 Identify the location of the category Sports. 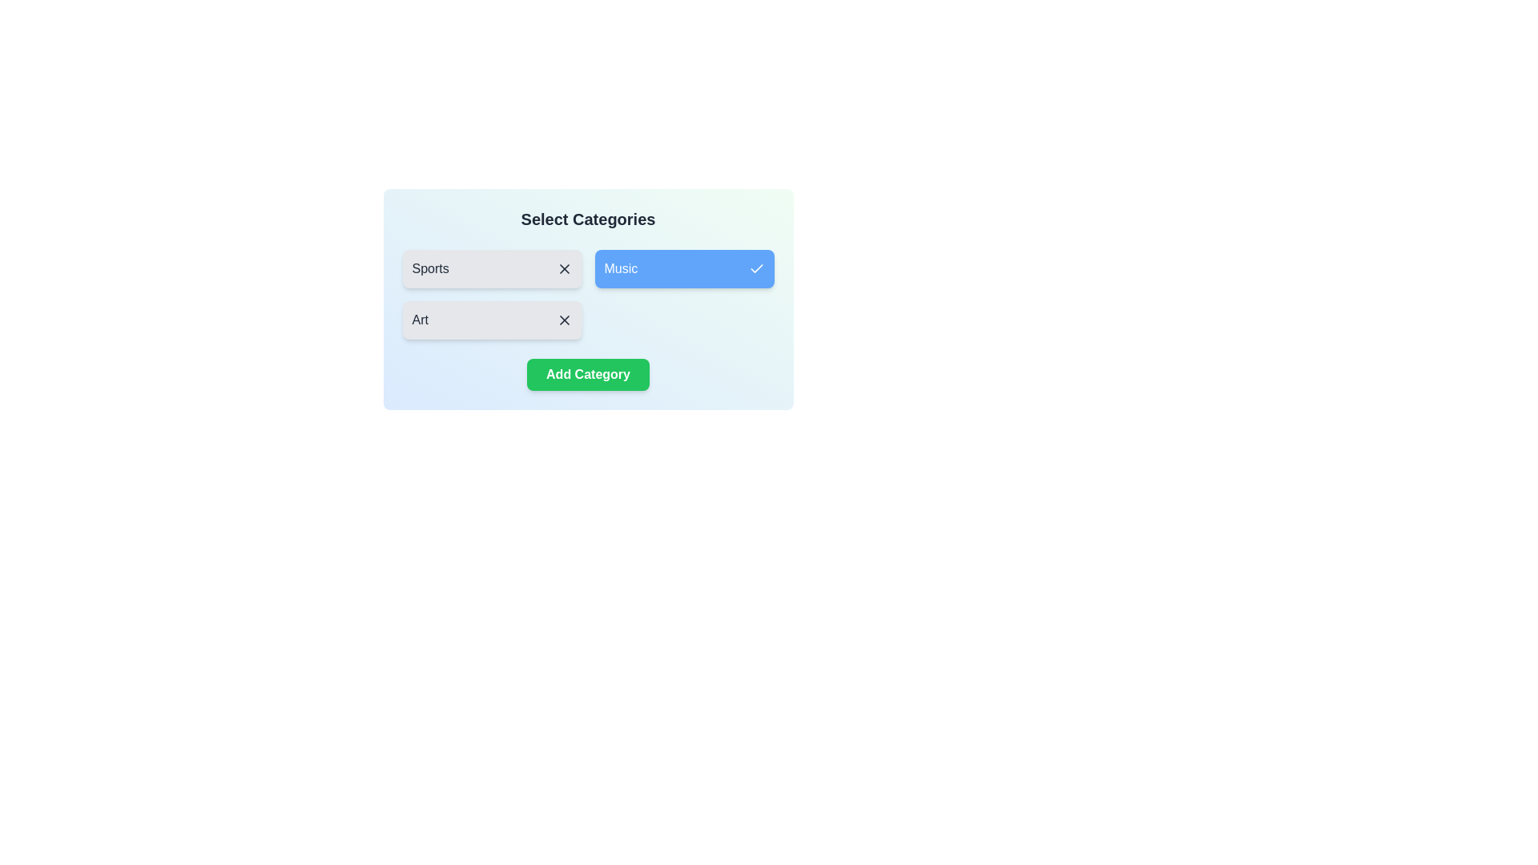
(491, 268).